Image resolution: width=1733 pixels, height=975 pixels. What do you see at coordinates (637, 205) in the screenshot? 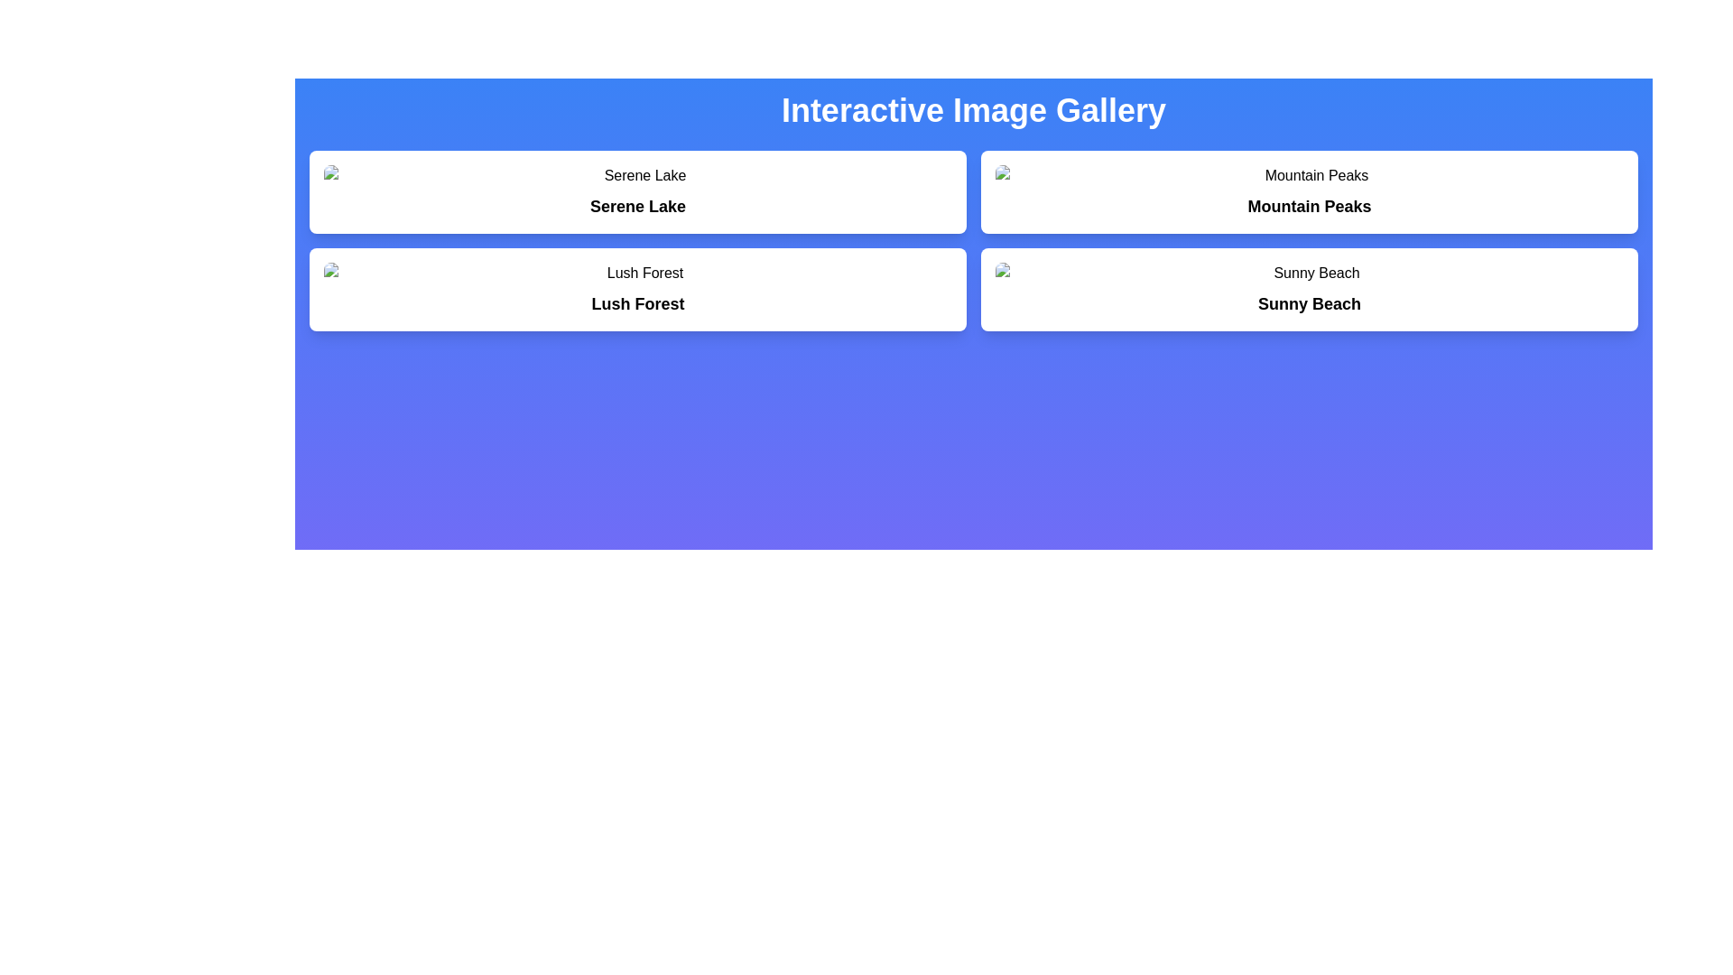
I see `the text label displaying 'Serene Lake' which is bold, large, and positioned below an image placeholder in the top-left panel of the grid layout` at bounding box center [637, 205].